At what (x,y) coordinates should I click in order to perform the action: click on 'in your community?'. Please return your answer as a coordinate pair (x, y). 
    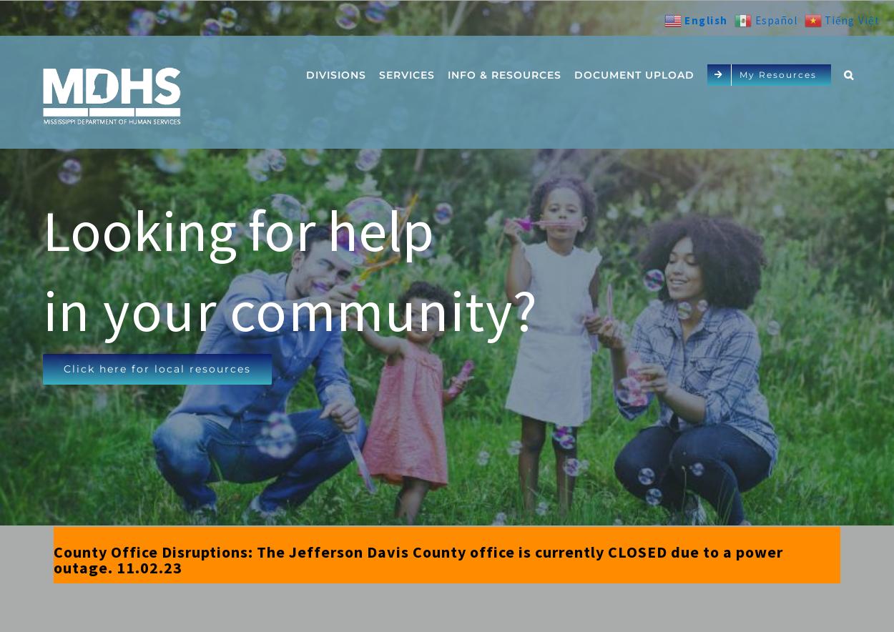
    Looking at the image, I should click on (42, 310).